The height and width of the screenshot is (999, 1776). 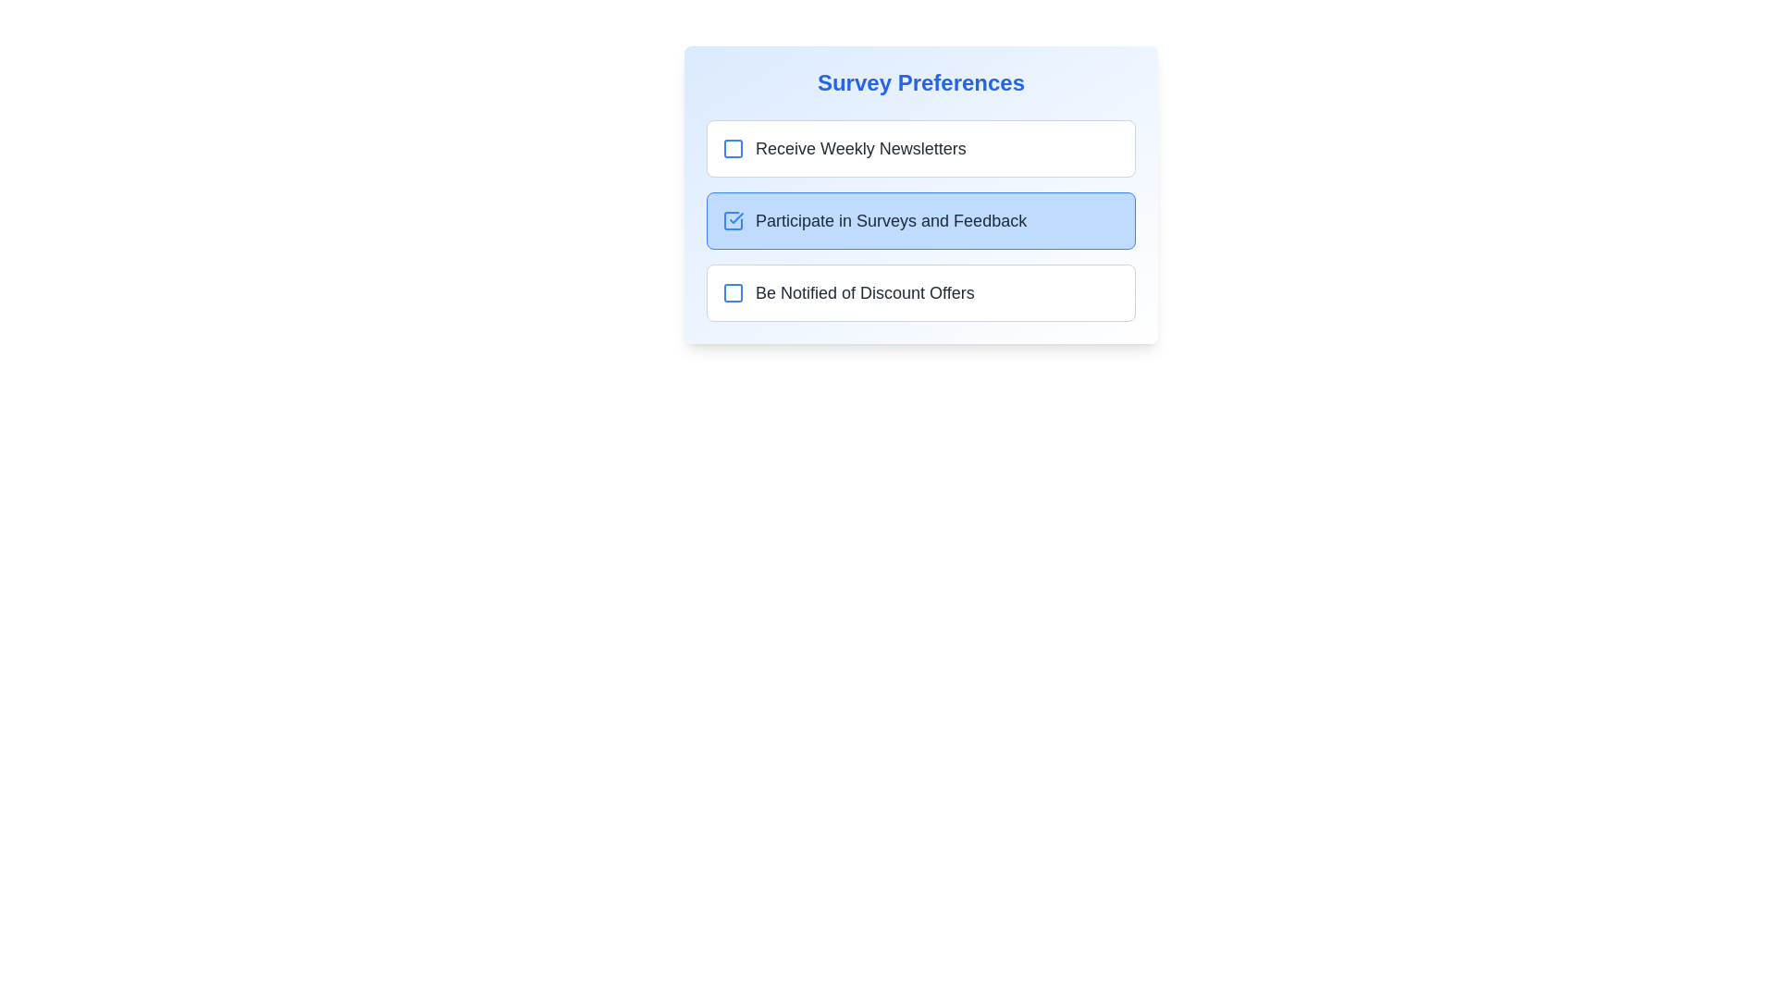 What do you see at coordinates (859, 148) in the screenshot?
I see `the text label reading 'Receive Weekly Newsletters' which is styled with a larger font size and gray color, located in the 'Survey Preferences' section next to a checkbox` at bounding box center [859, 148].